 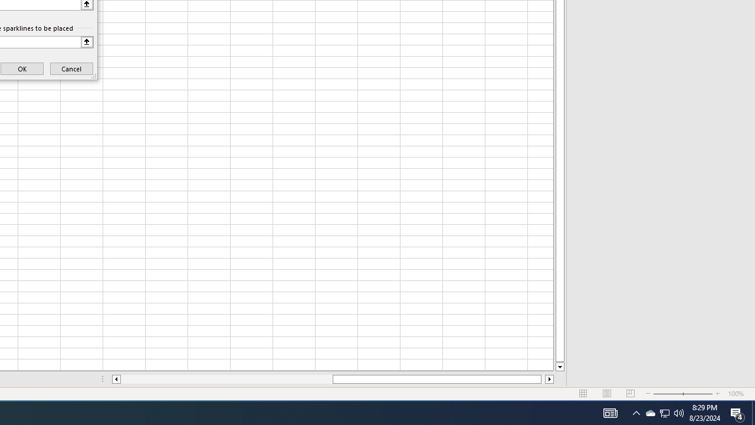 I want to click on 'Zoom', so click(x=683, y=394).